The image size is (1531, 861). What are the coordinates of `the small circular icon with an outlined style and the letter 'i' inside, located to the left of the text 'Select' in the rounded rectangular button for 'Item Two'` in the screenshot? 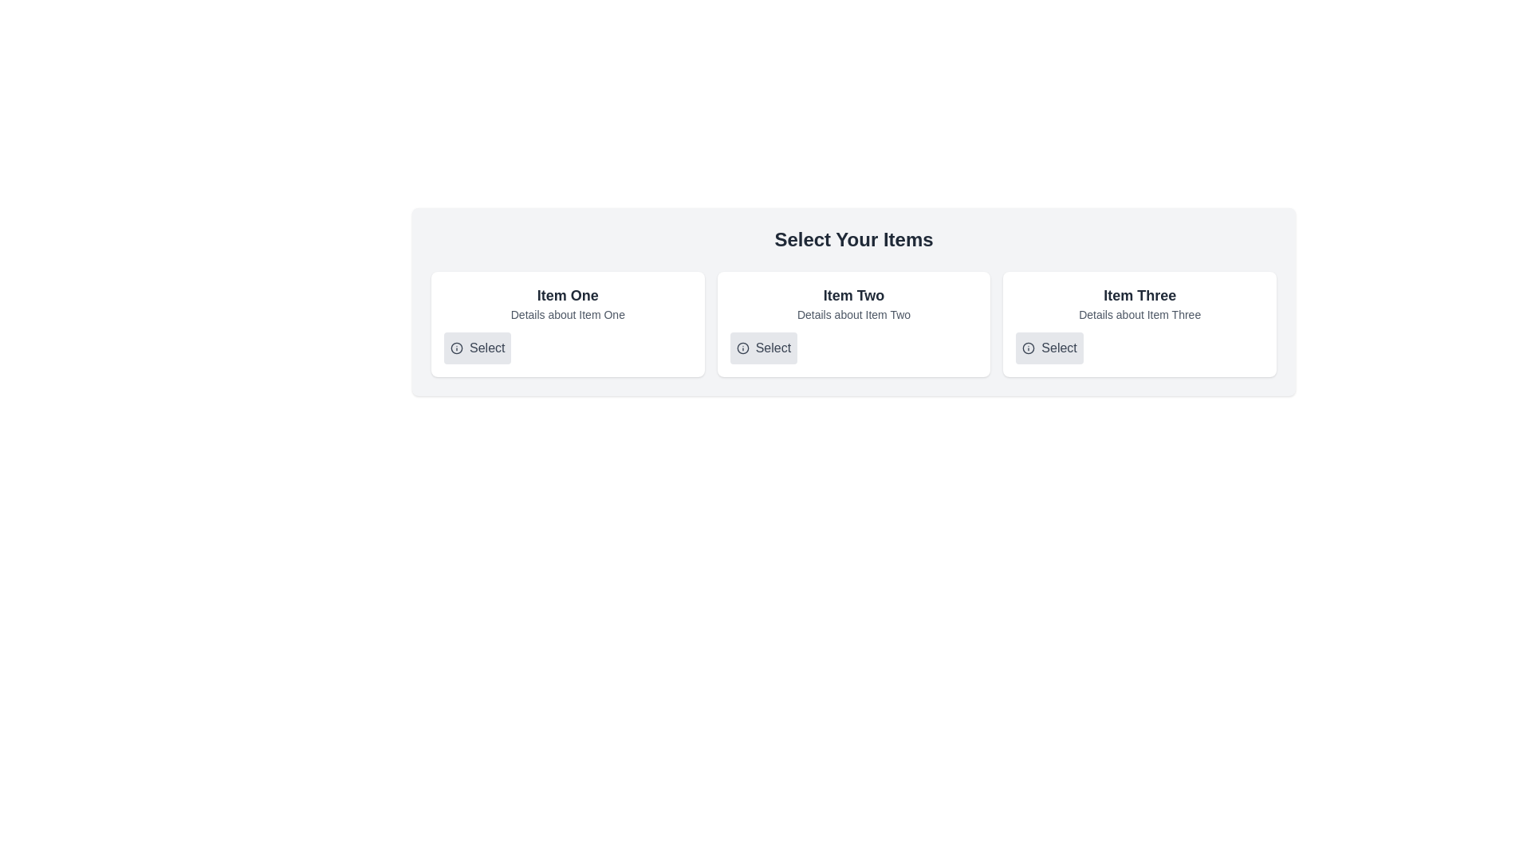 It's located at (742, 347).